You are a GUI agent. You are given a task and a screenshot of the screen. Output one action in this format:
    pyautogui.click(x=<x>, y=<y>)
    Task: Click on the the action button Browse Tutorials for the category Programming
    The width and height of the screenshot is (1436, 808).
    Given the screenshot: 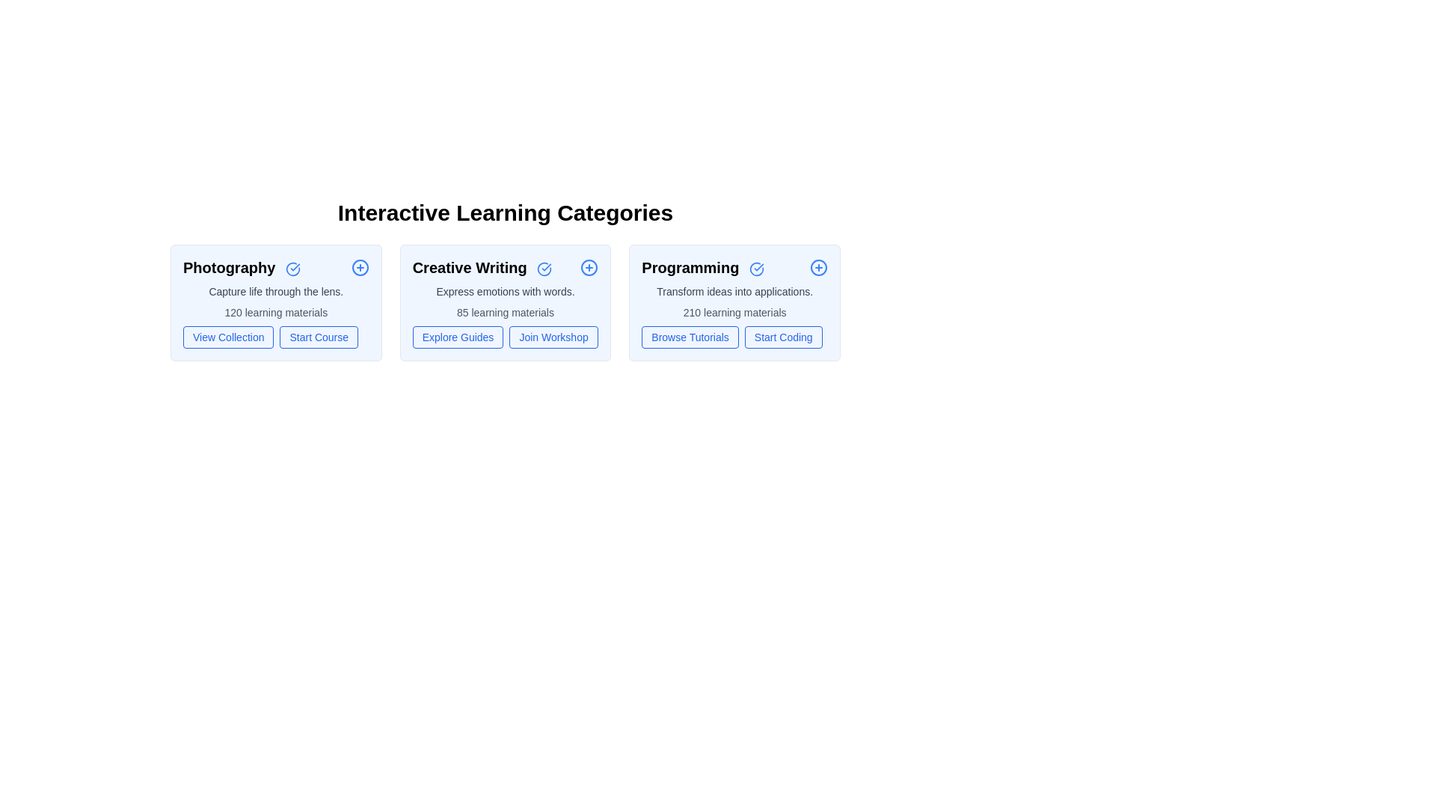 What is the action you would take?
    pyautogui.click(x=690, y=337)
    